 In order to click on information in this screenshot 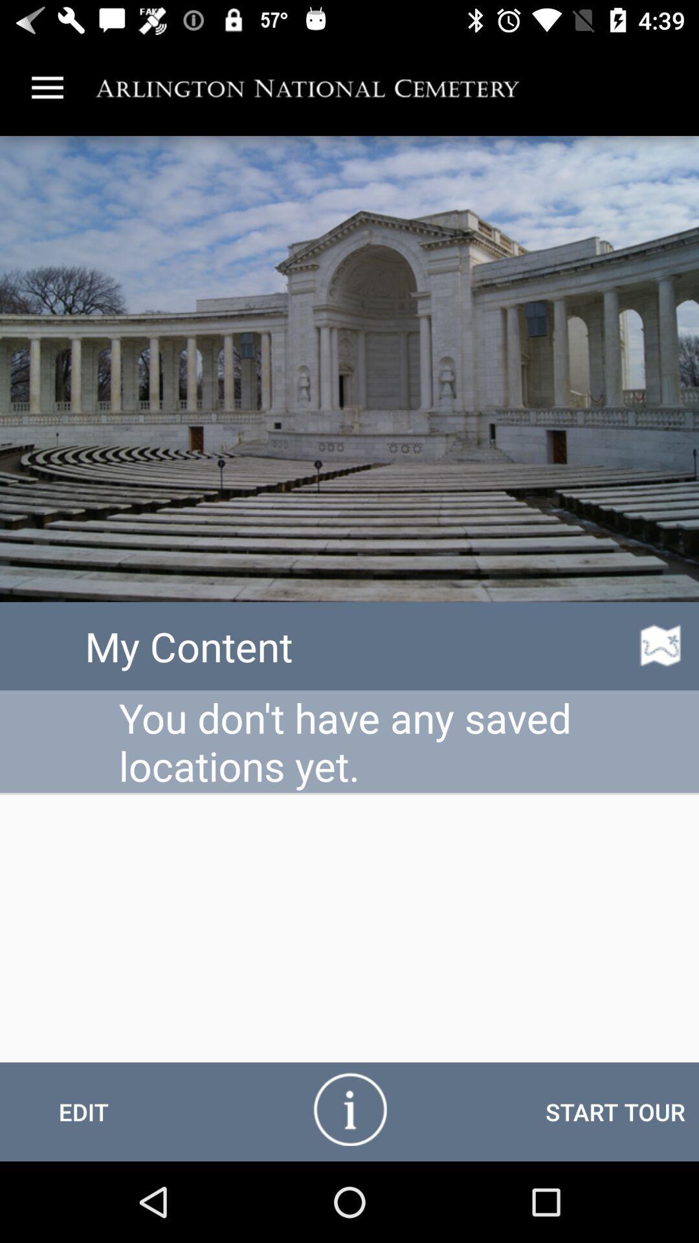, I will do `click(349, 1108)`.